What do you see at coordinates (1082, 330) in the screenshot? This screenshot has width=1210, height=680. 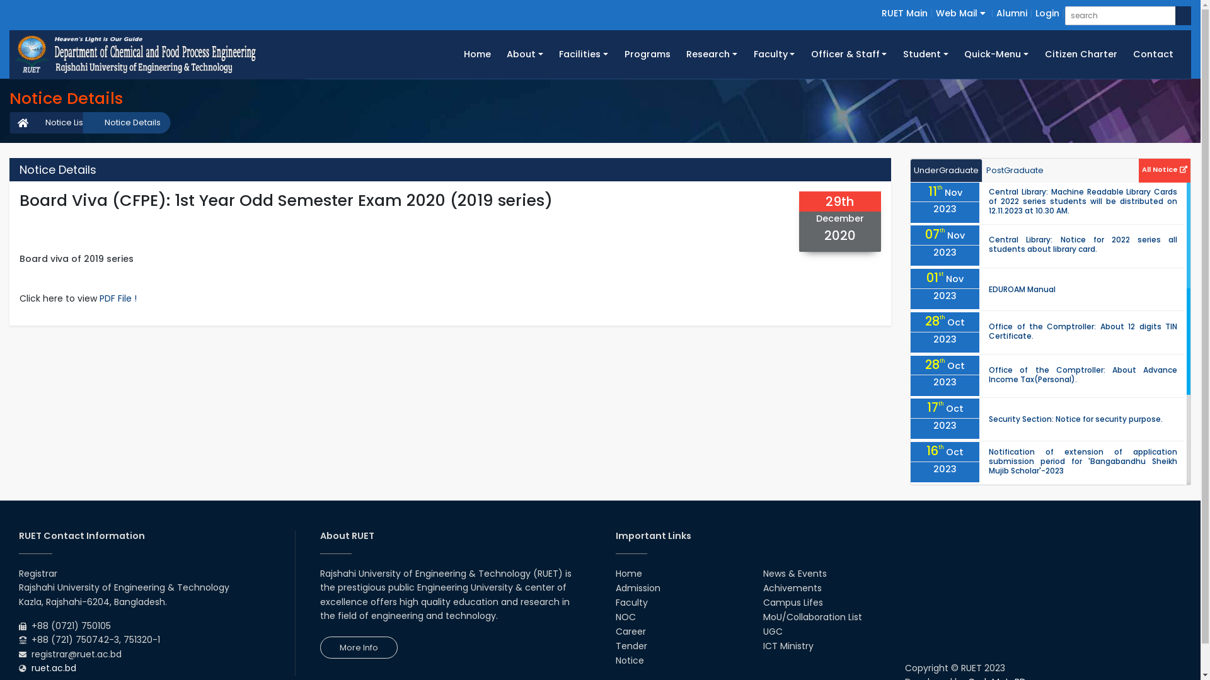 I see `'Office of the Comptroller: About 12 digits TIN Certificate.'` at bounding box center [1082, 330].